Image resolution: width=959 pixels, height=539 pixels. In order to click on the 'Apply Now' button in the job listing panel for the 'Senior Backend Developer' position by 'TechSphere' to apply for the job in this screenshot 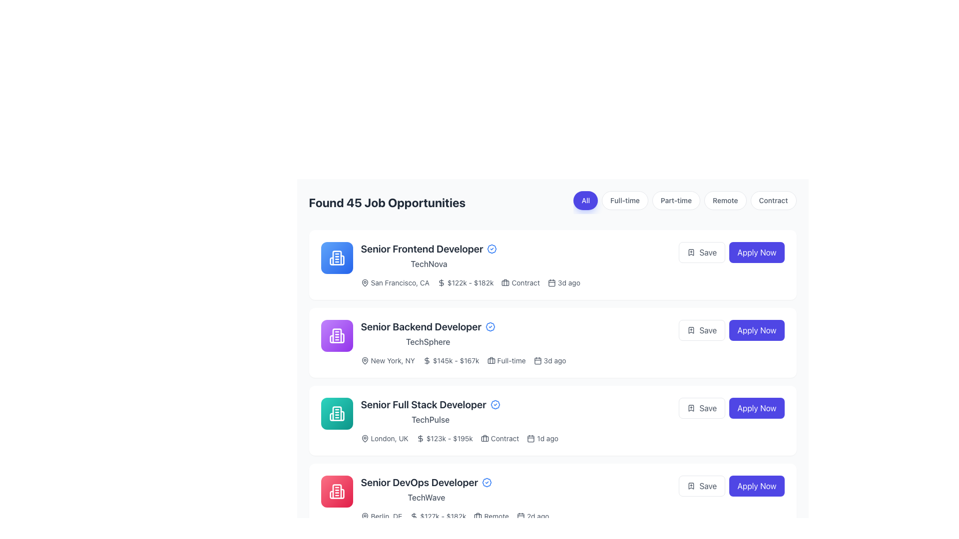, I will do `click(731, 330)`.